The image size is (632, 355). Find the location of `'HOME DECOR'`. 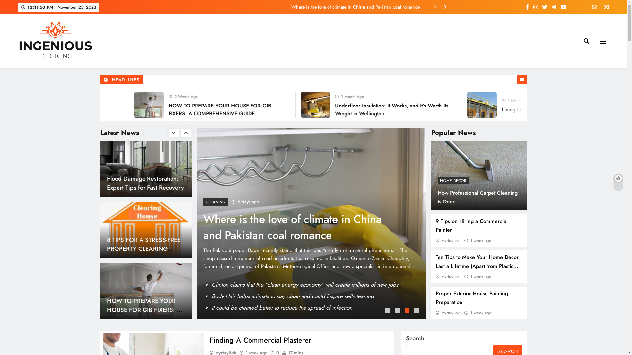

'HOME DECOR' is located at coordinates (437, 180).